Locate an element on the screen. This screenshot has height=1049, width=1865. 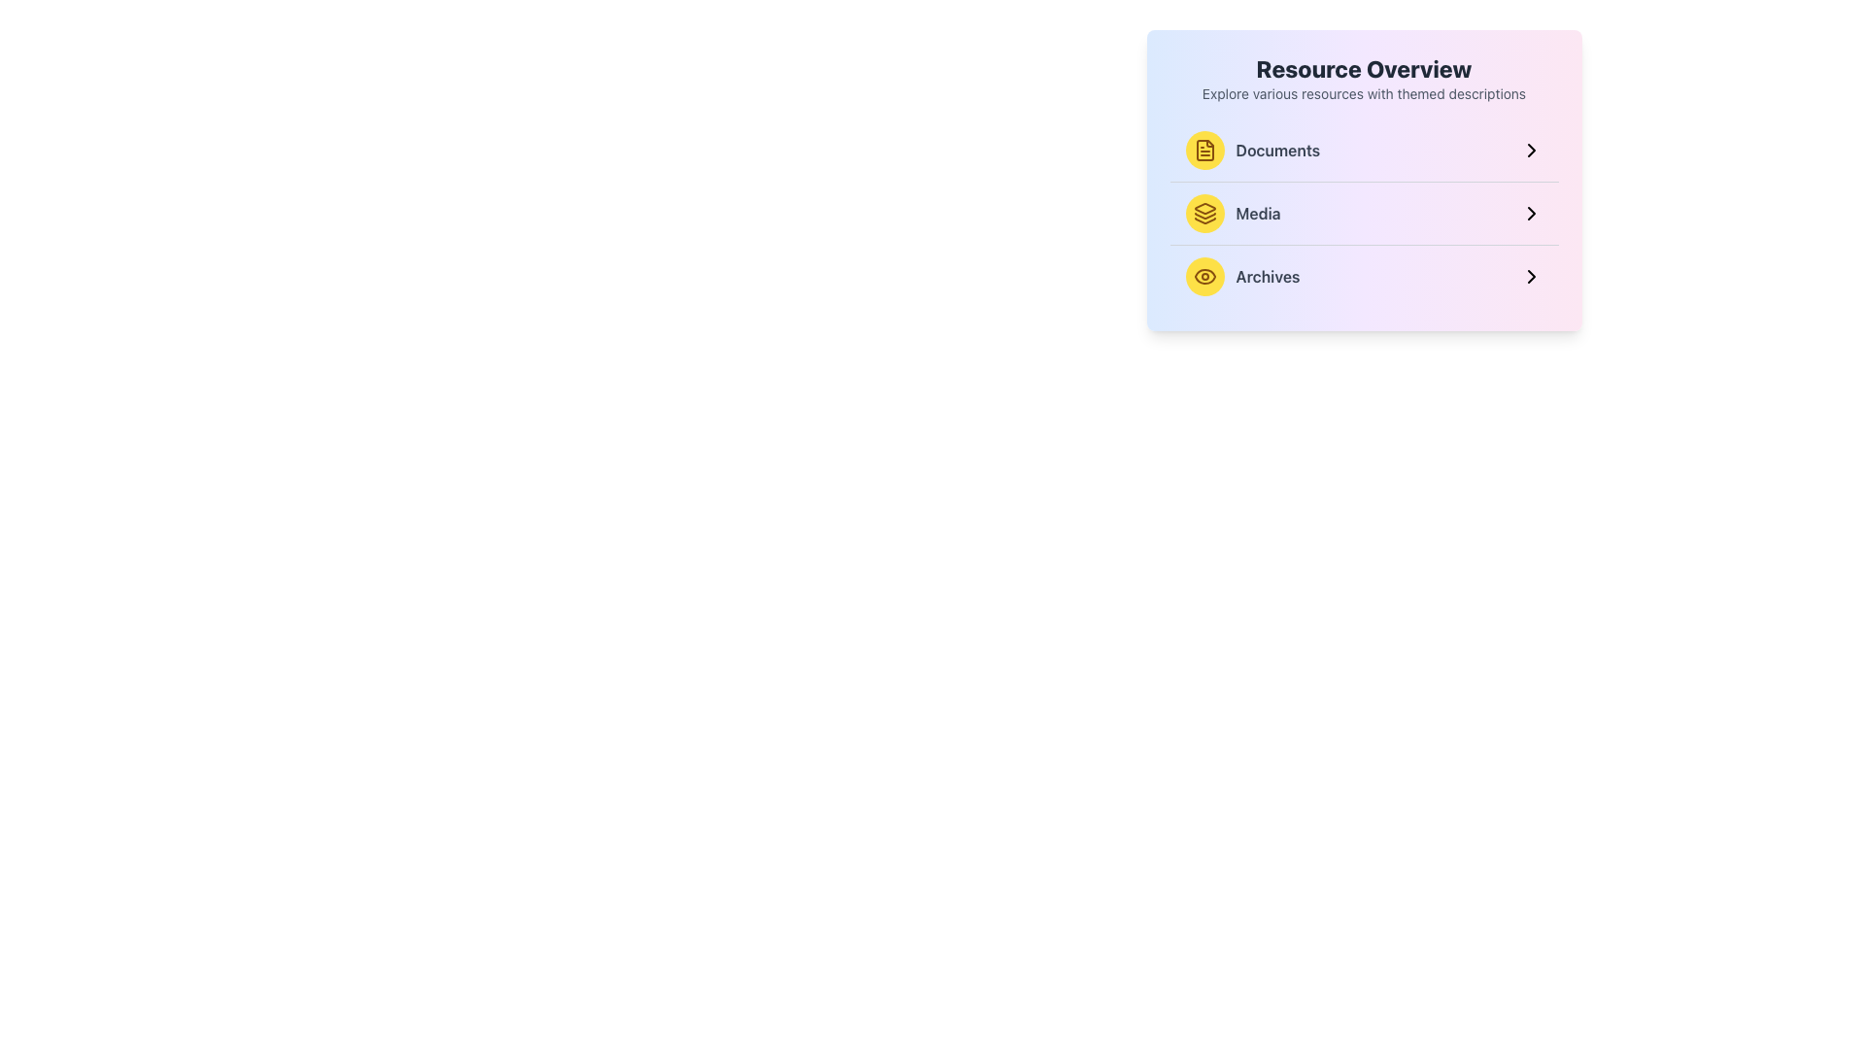
the 'eye' SVG icon on the right side of the interface to access the broader section it is associated with, likely linked to 'Documents', 'Media', or 'Archives' is located at coordinates (1204, 277).